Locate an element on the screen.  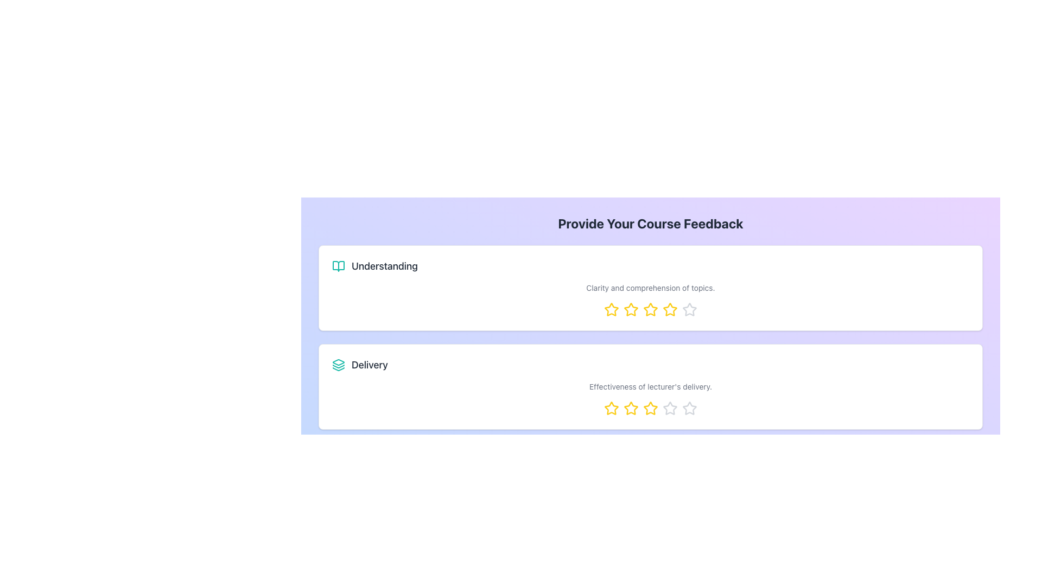
the fourth star from the left in the second row of the star rating system under the 'Delivery' feedback category to give a rating is located at coordinates (669, 408).